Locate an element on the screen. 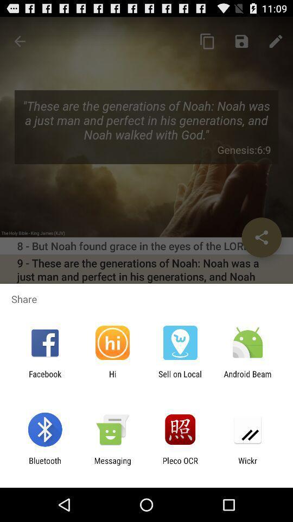 The image size is (293, 522). the item next to sell on local app is located at coordinates (112, 378).